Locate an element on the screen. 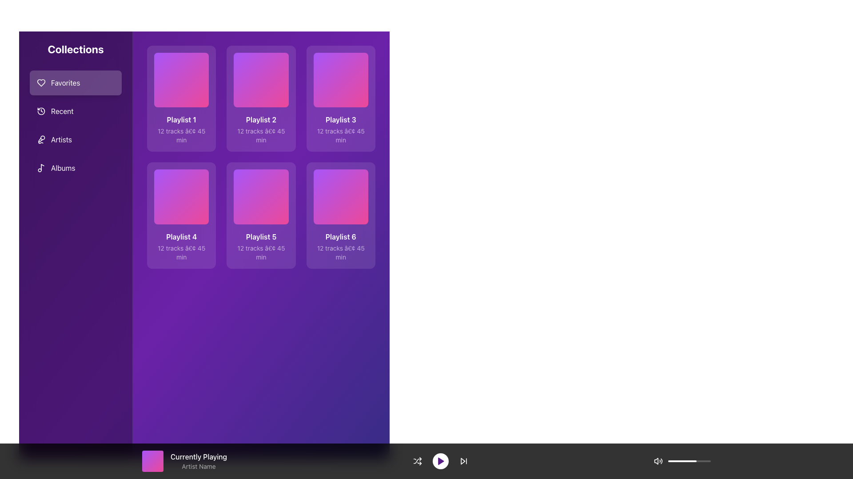  the music playlist card located in the first row, third column of the grid is located at coordinates (340, 98).